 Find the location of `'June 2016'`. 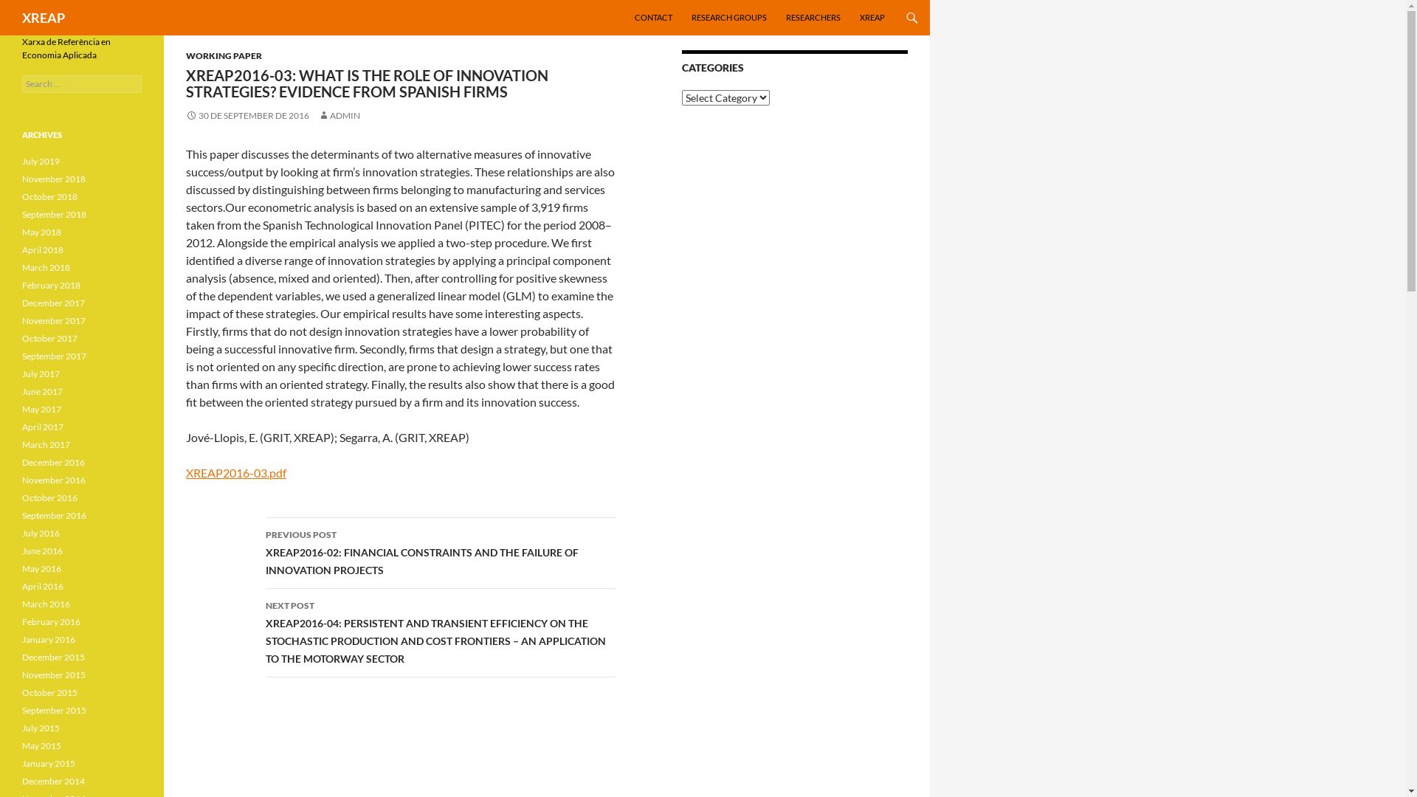

'June 2016' is located at coordinates (42, 551).